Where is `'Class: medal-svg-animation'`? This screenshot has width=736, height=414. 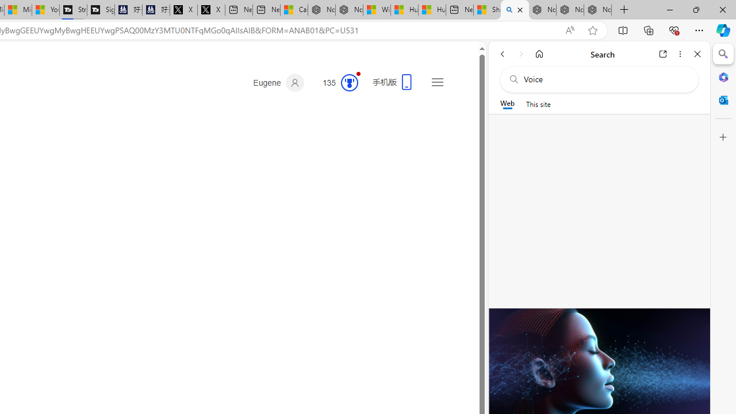
'Class: medal-svg-animation' is located at coordinates (349, 82).